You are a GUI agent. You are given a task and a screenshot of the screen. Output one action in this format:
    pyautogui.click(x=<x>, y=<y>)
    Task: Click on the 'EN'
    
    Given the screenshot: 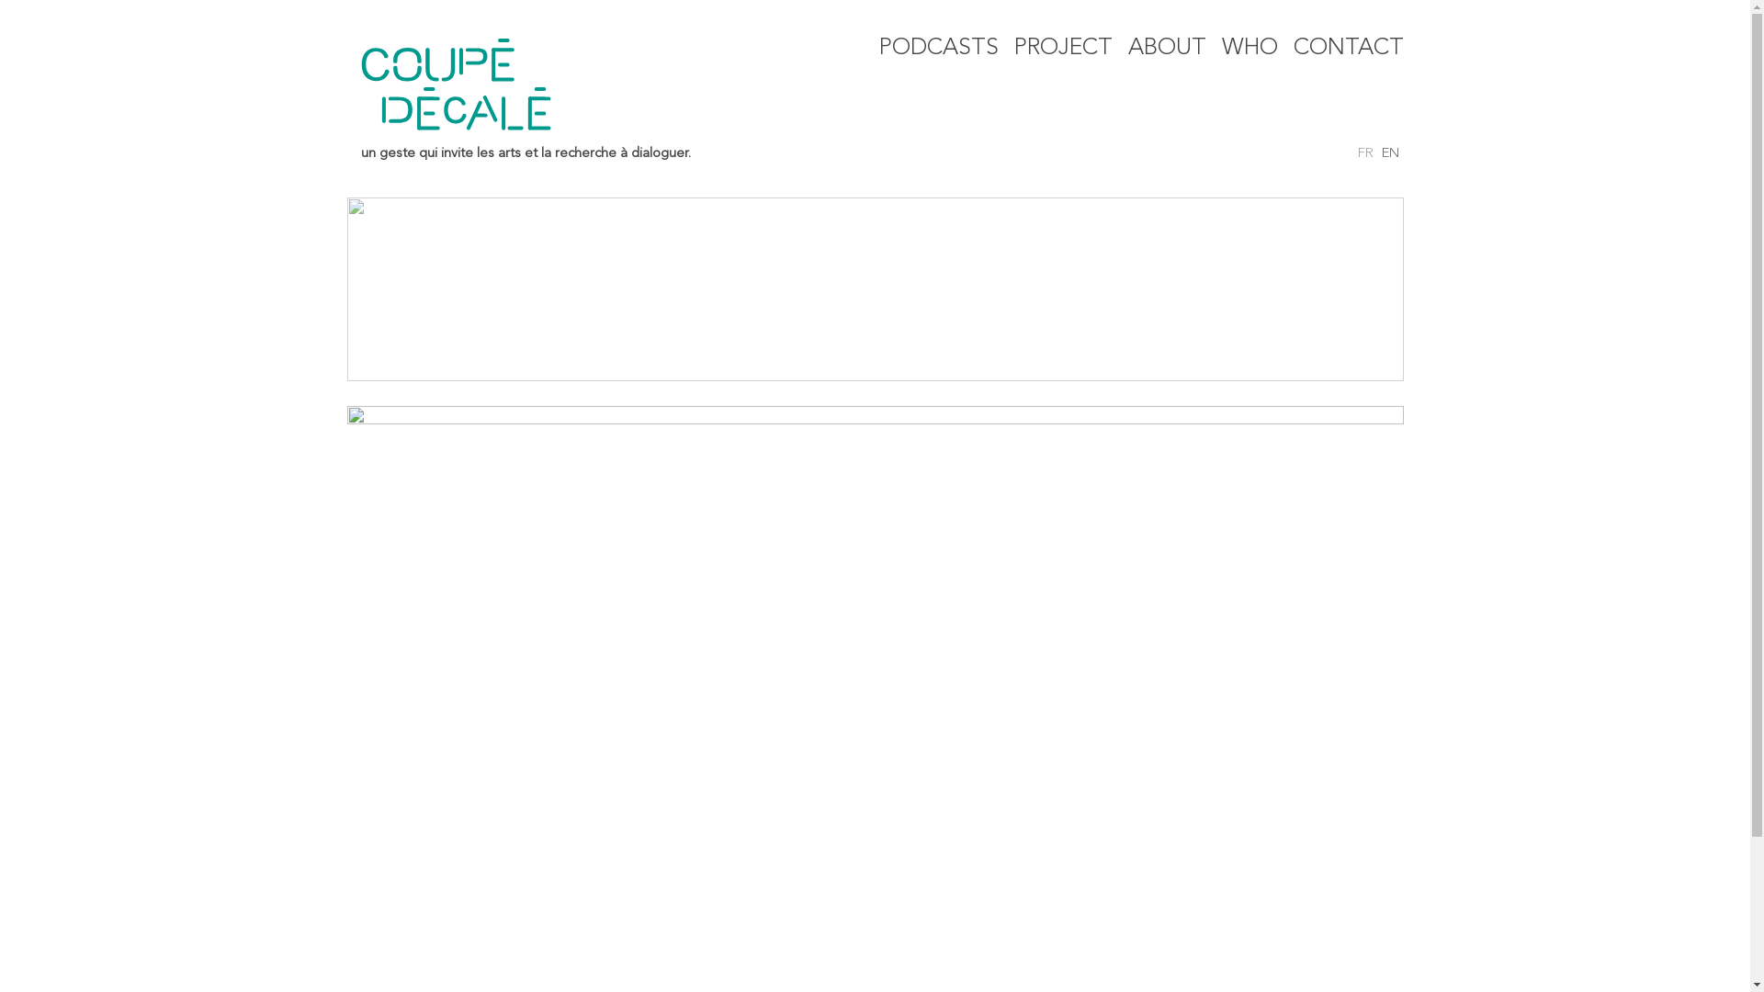 What is the action you would take?
    pyautogui.click(x=1390, y=152)
    